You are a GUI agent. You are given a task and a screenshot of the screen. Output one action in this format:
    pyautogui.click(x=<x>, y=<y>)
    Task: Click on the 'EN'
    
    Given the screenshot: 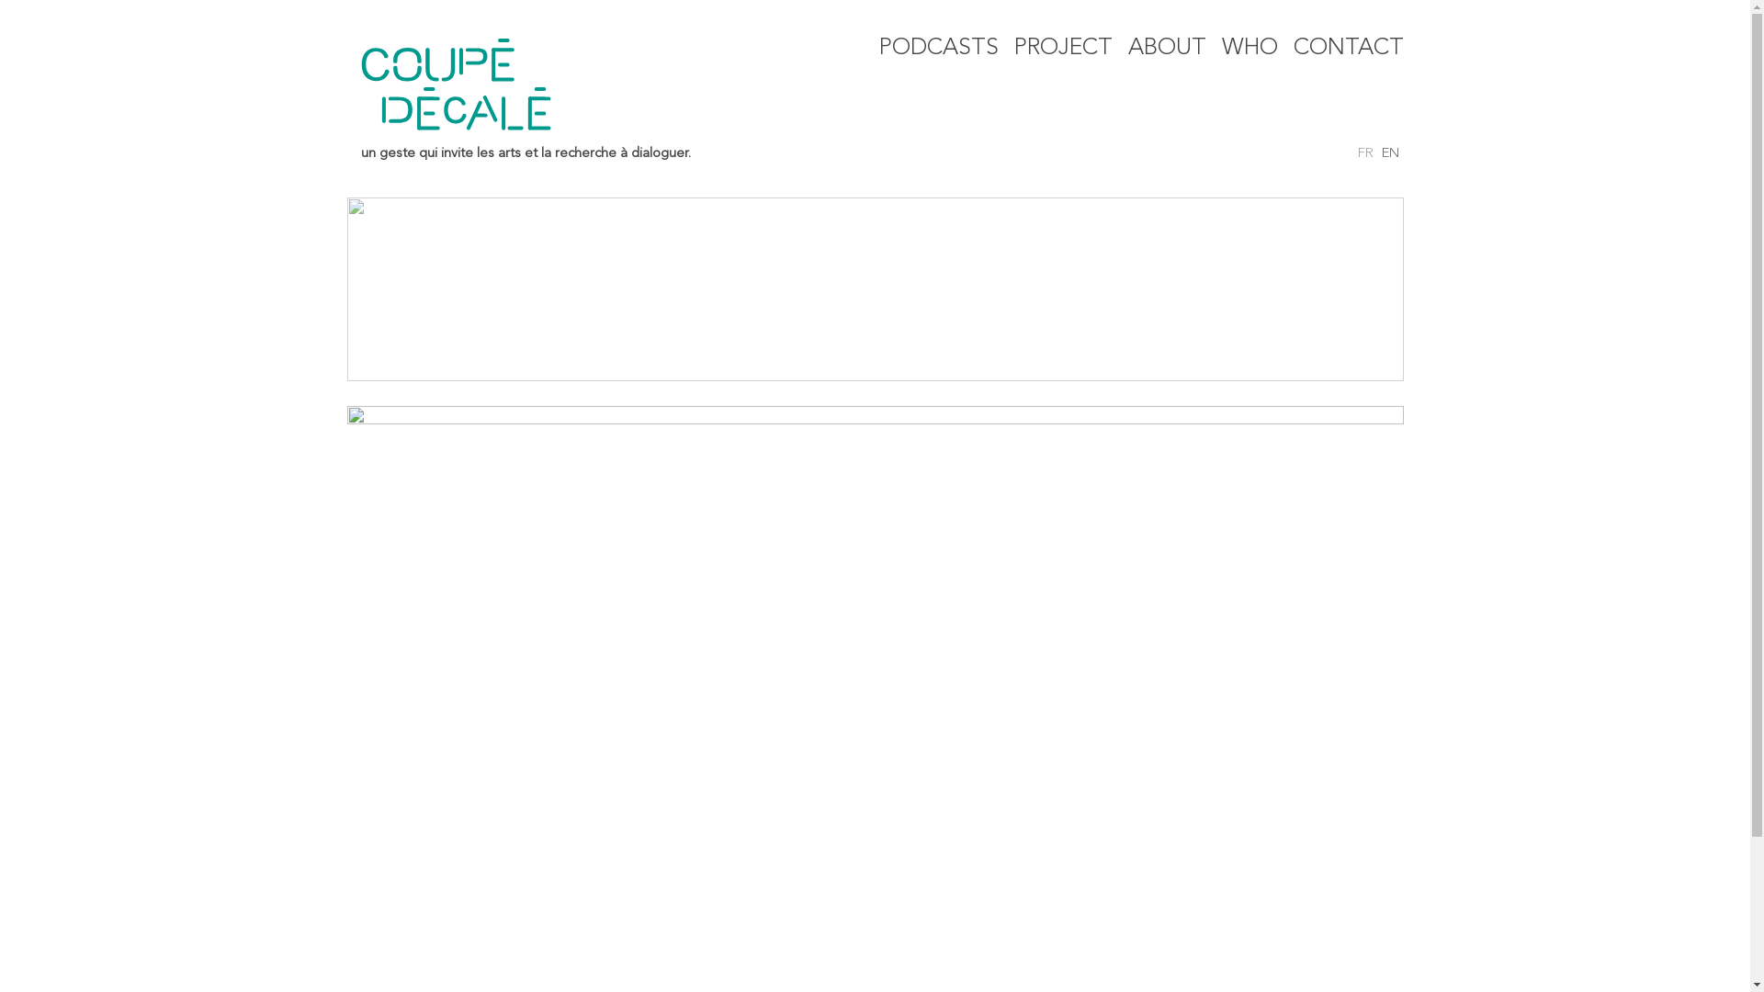 What is the action you would take?
    pyautogui.click(x=1390, y=152)
    